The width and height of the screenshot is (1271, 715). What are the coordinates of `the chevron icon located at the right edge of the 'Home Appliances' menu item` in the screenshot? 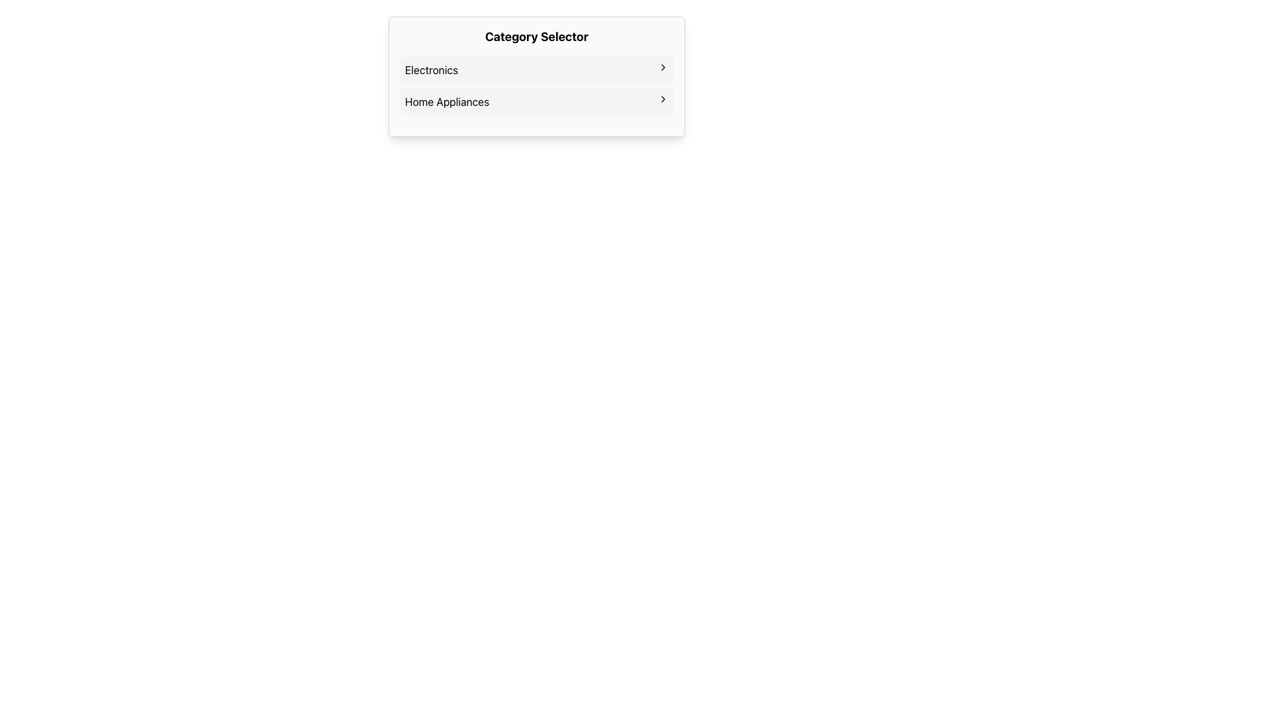 It's located at (663, 99).